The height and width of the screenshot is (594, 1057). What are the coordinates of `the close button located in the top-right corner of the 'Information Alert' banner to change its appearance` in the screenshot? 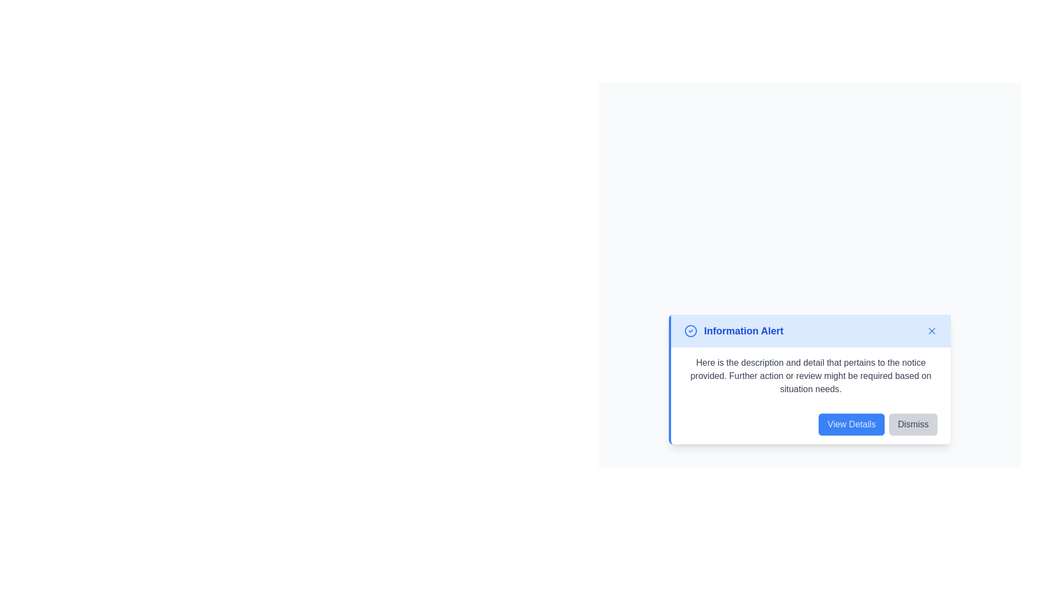 It's located at (931, 330).